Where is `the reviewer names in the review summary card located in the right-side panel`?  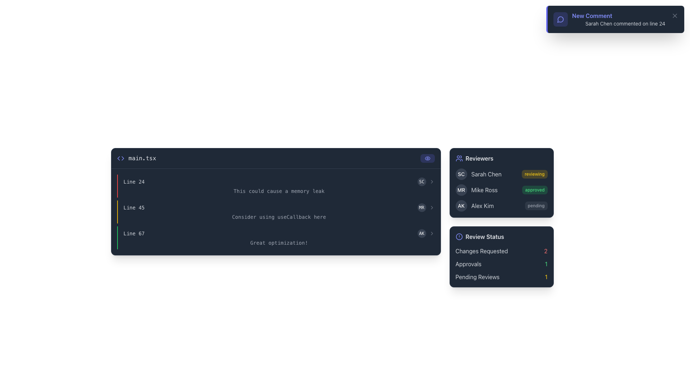 the reviewer names in the review summary card located in the right-side panel is located at coordinates (501, 217).